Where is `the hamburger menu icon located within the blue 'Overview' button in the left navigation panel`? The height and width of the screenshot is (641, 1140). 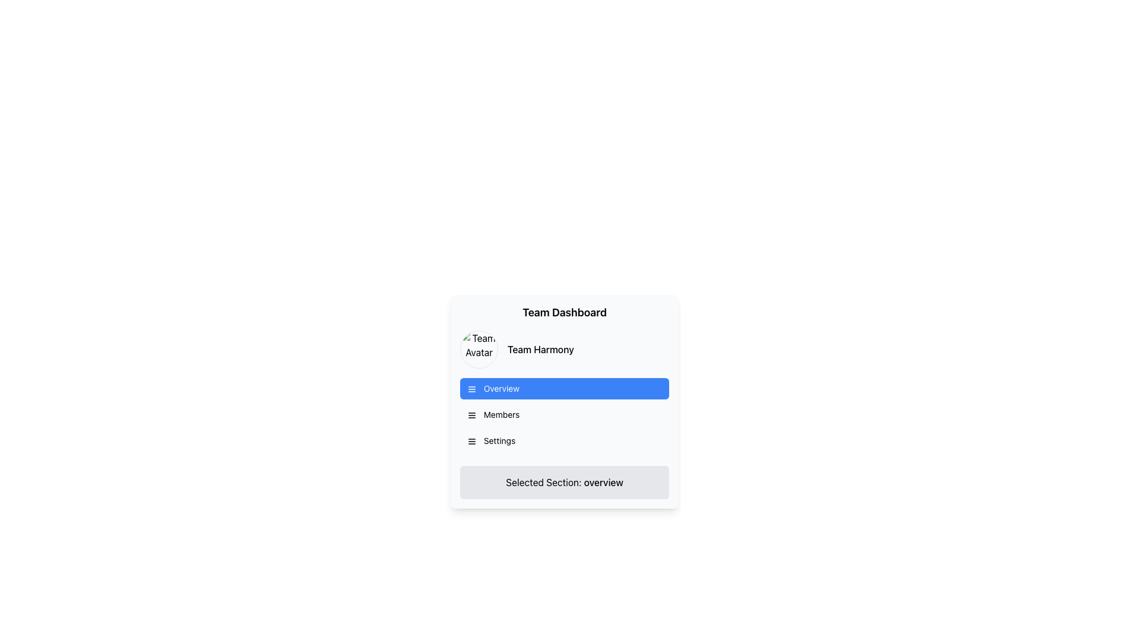 the hamburger menu icon located within the blue 'Overview' button in the left navigation panel is located at coordinates (471, 389).